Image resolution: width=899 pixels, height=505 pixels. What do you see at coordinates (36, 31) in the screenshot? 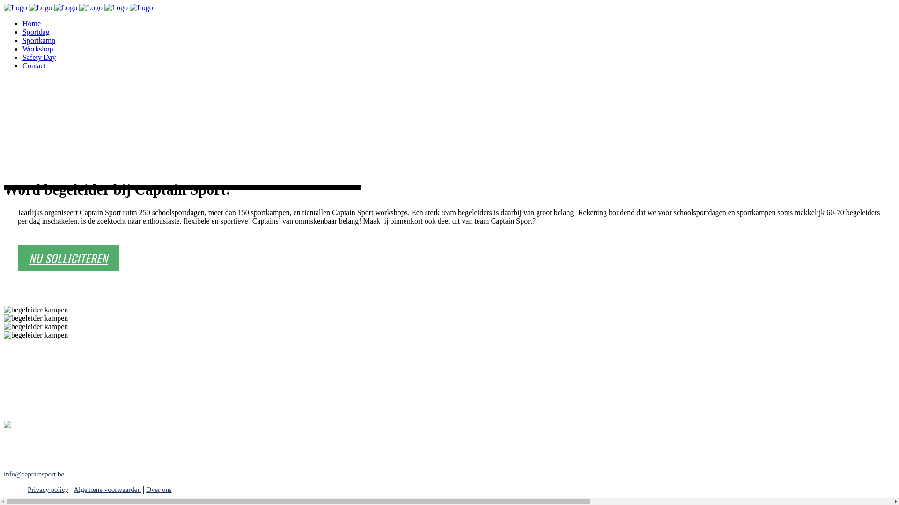
I see `'Sportdag'` at bounding box center [36, 31].